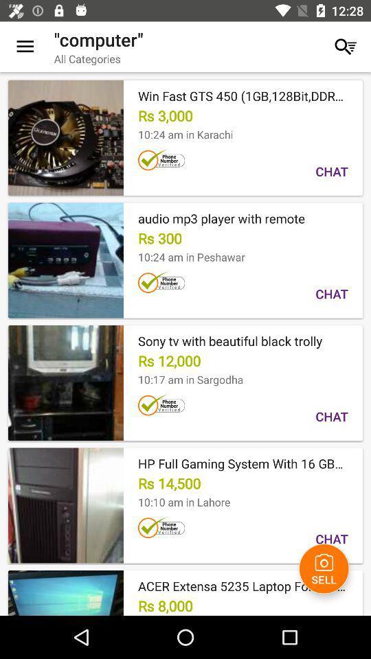 This screenshot has width=371, height=659. What do you see at coordinates (25, 47) in the screenshot?
I see `the item next to "computer" icon` at bounding box center [25, 47].